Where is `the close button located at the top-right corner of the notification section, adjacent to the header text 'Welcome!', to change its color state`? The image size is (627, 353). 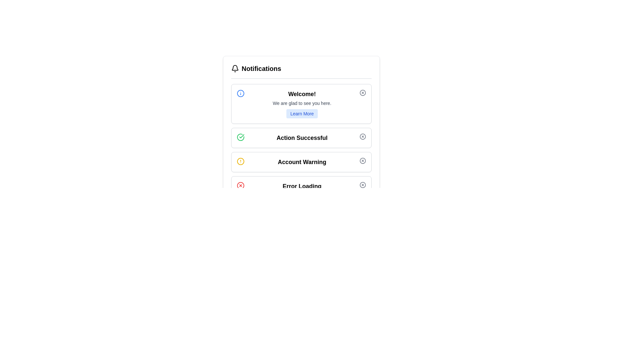 the close button located at the top-right corner of the notification section, adjacent to the header text 'Welcome!', to change its color state is located at coordinates (362, 93).